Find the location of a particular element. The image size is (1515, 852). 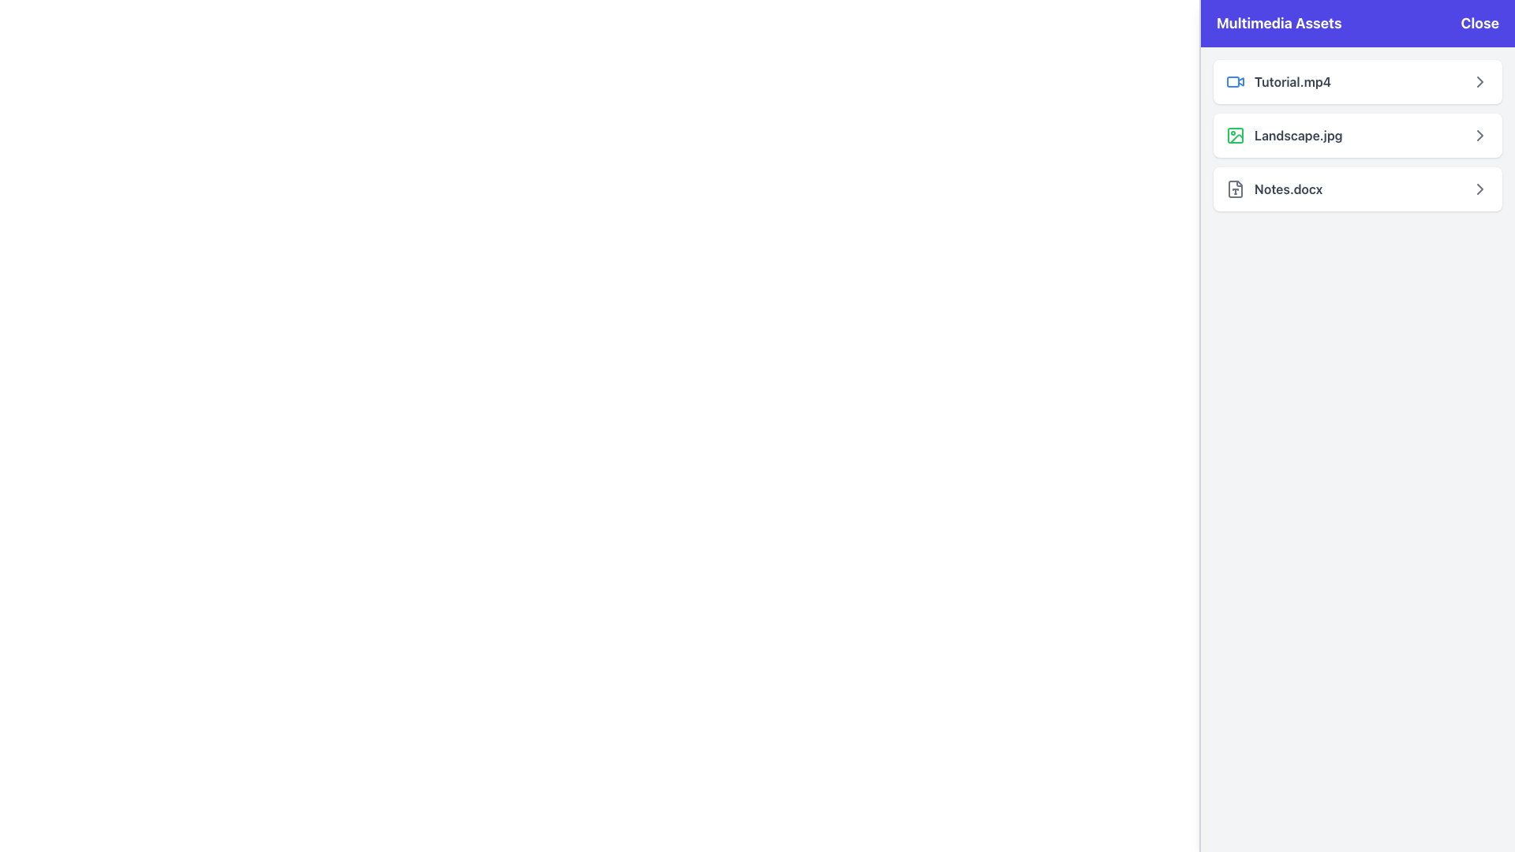

the rightward-facing chevron icon, which is the central part of the SVG component located to the right of text items like 'Tutorial.mp4' or 'Notes.docx' is located at coordinates (1479, 135).